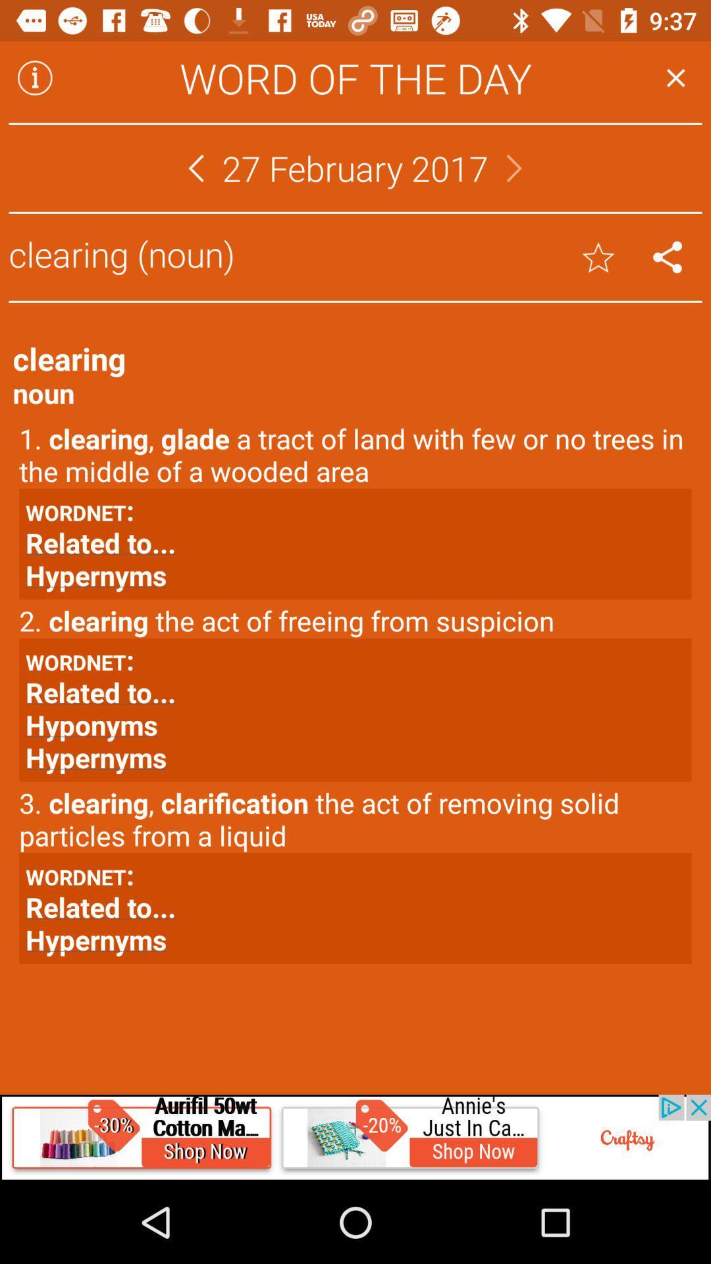 This screenshot has height=1264, width=711. Describe the element at coordinates (34, 77) in the screenshot. I see `information switch option` at that location.